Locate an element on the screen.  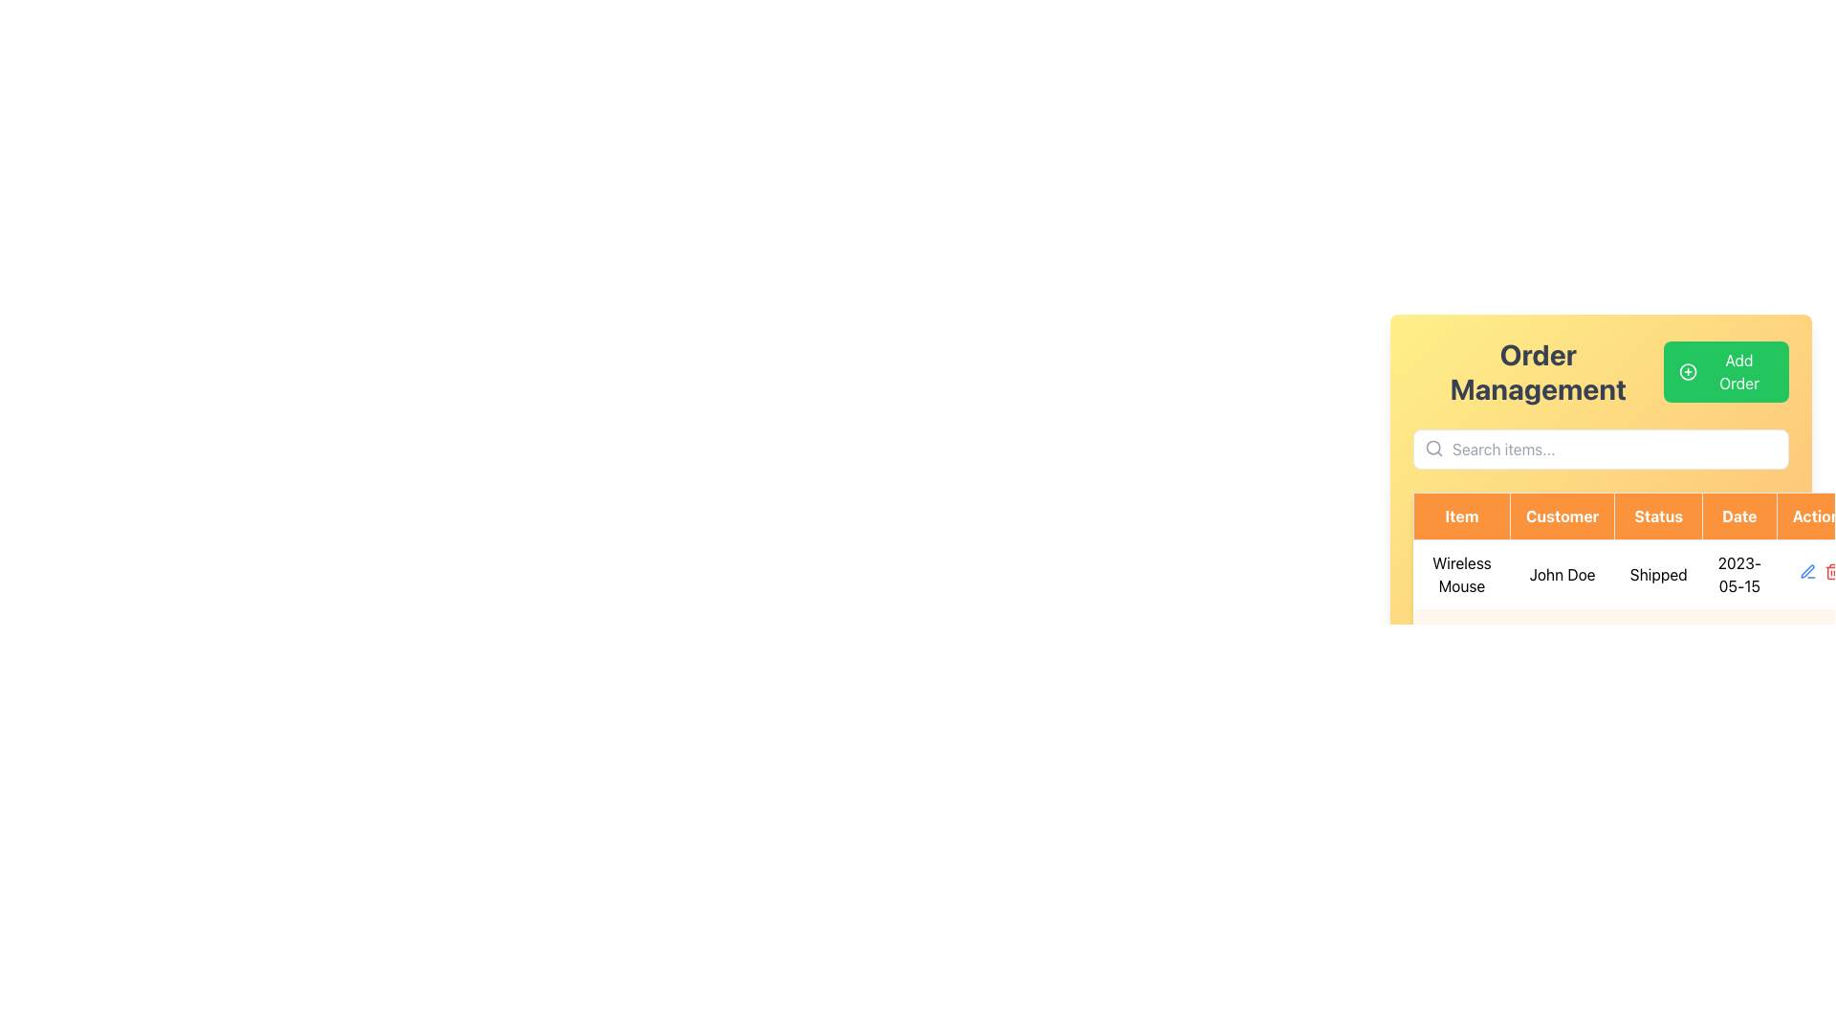
the static text cell displaying 'Shipped' in the 'Status' column of the table, which is positioned between the 'Customer' column and the 'Date' column is located at coordinates (1657, 573).